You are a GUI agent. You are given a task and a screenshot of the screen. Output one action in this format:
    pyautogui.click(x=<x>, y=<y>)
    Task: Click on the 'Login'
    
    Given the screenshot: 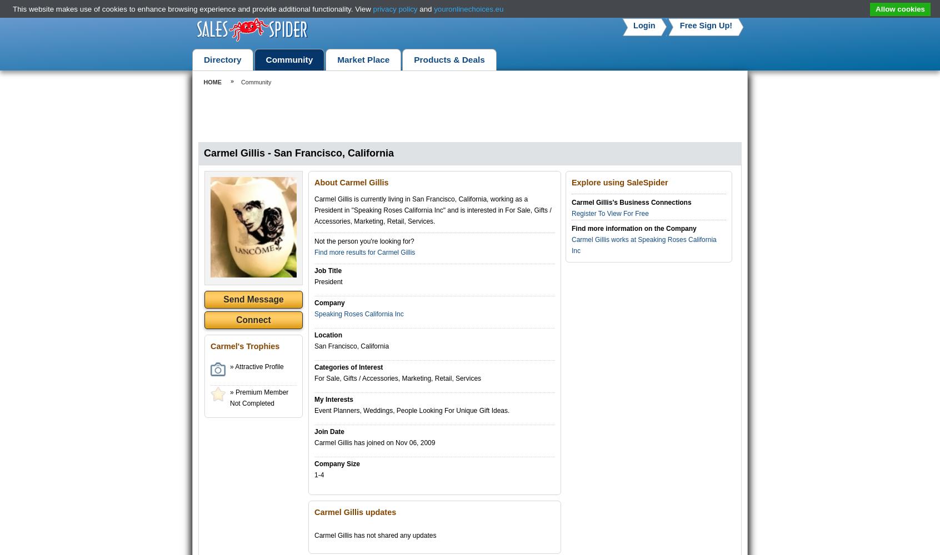 What is the action you would take?
    pyautogui.click(x=633, y=26)
    